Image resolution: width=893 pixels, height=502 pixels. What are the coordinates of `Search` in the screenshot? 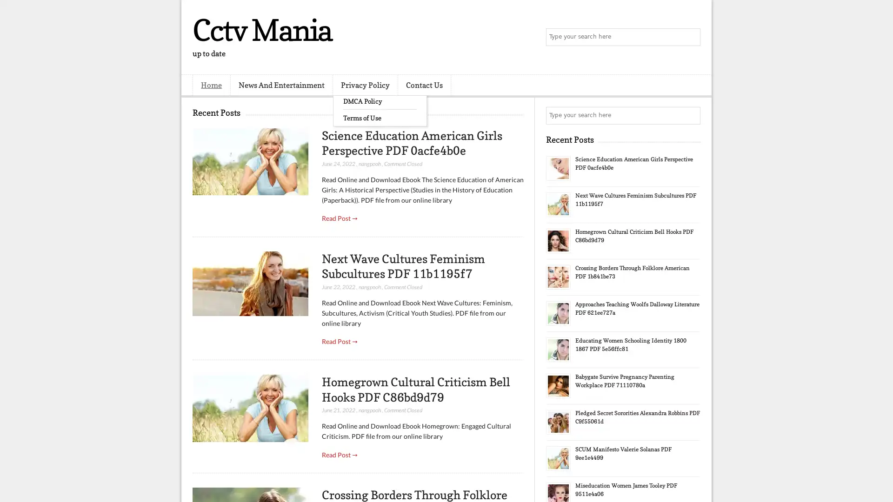 It's located at (691, 115).